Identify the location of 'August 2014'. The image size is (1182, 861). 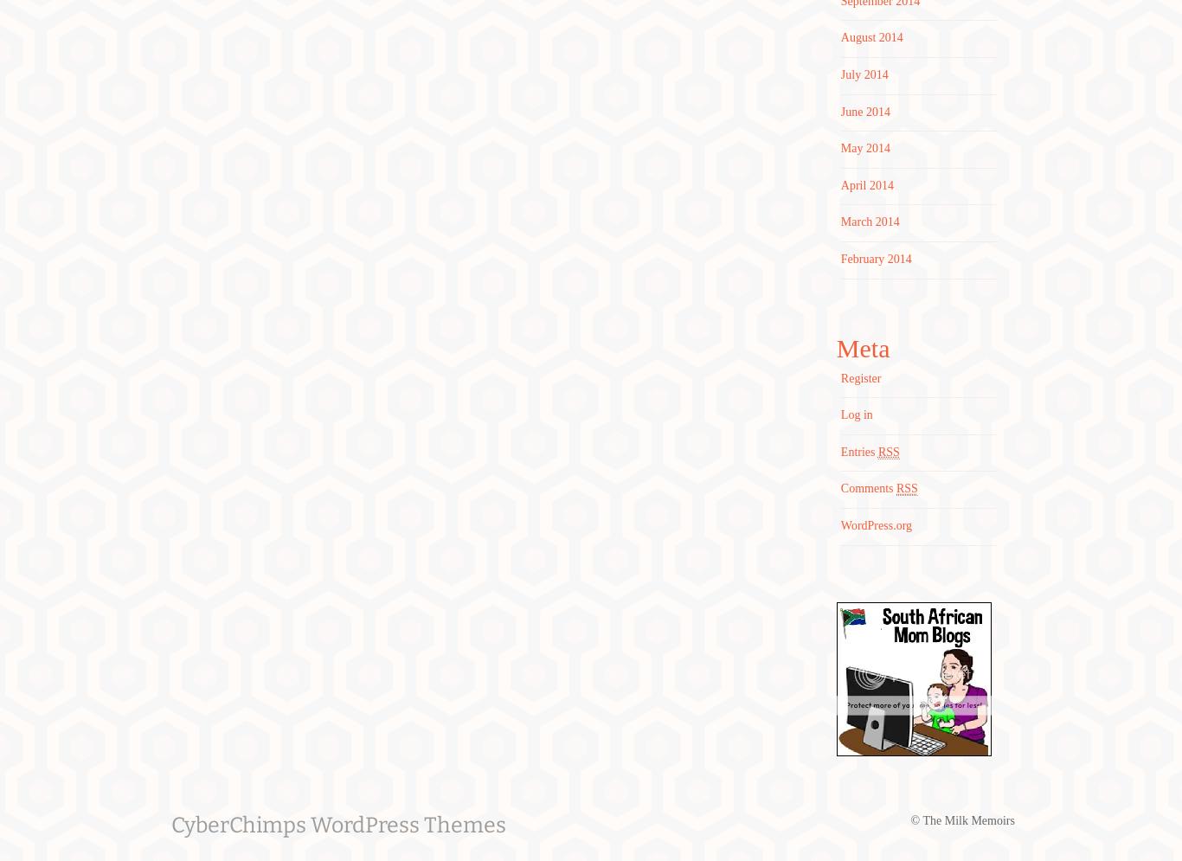
(871, 36).